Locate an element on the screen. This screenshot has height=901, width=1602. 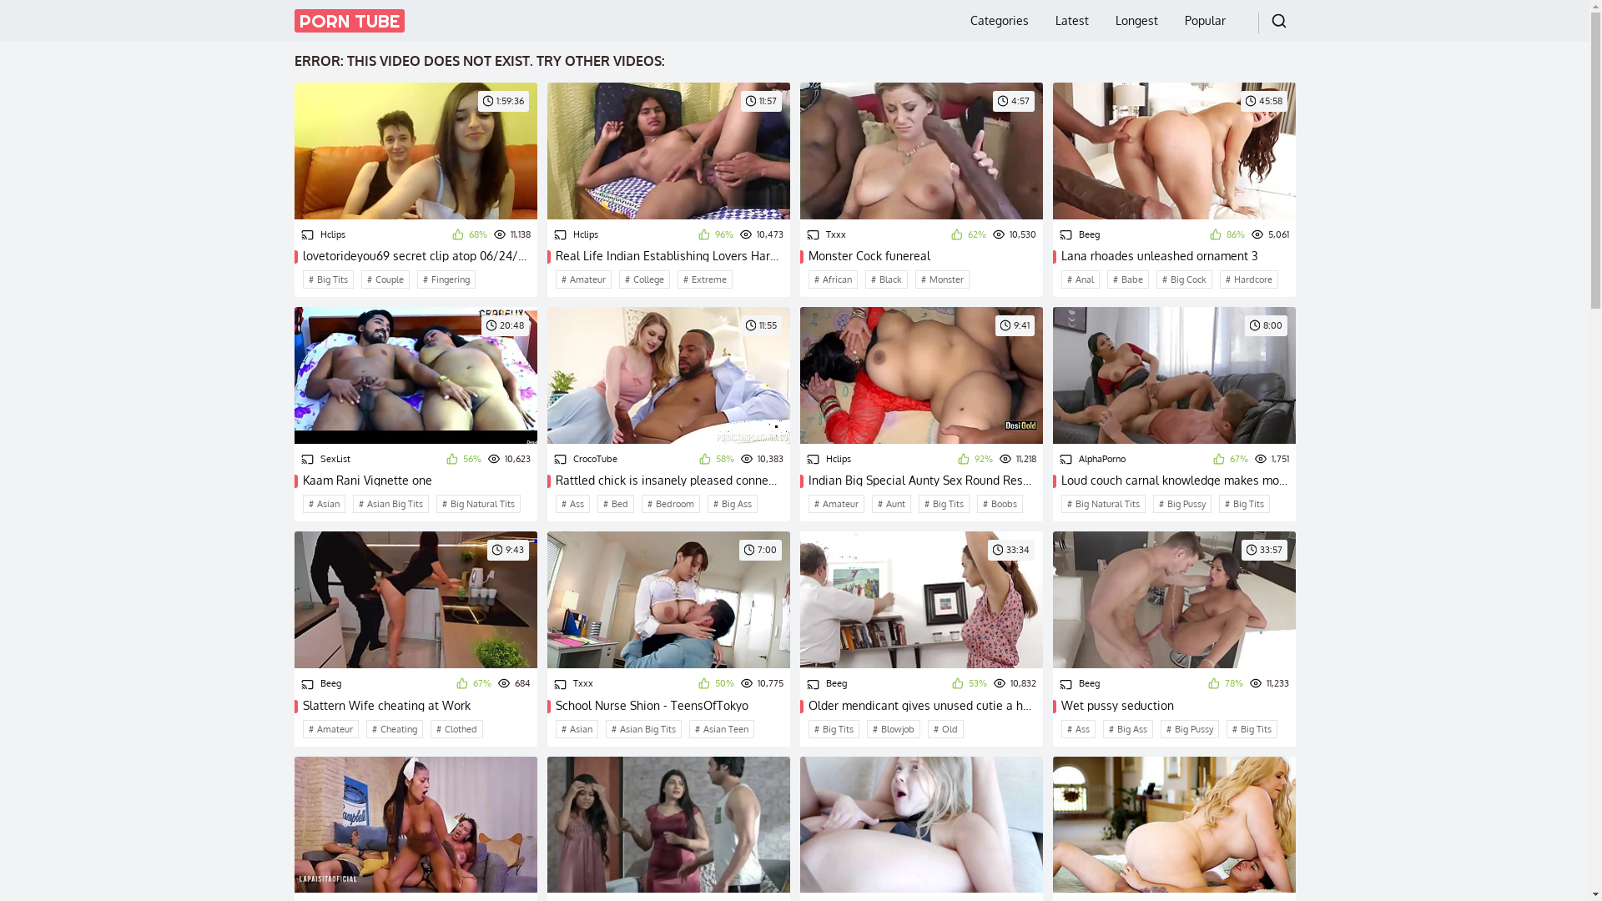
'Longest' is located at coordinates (1102, 20).